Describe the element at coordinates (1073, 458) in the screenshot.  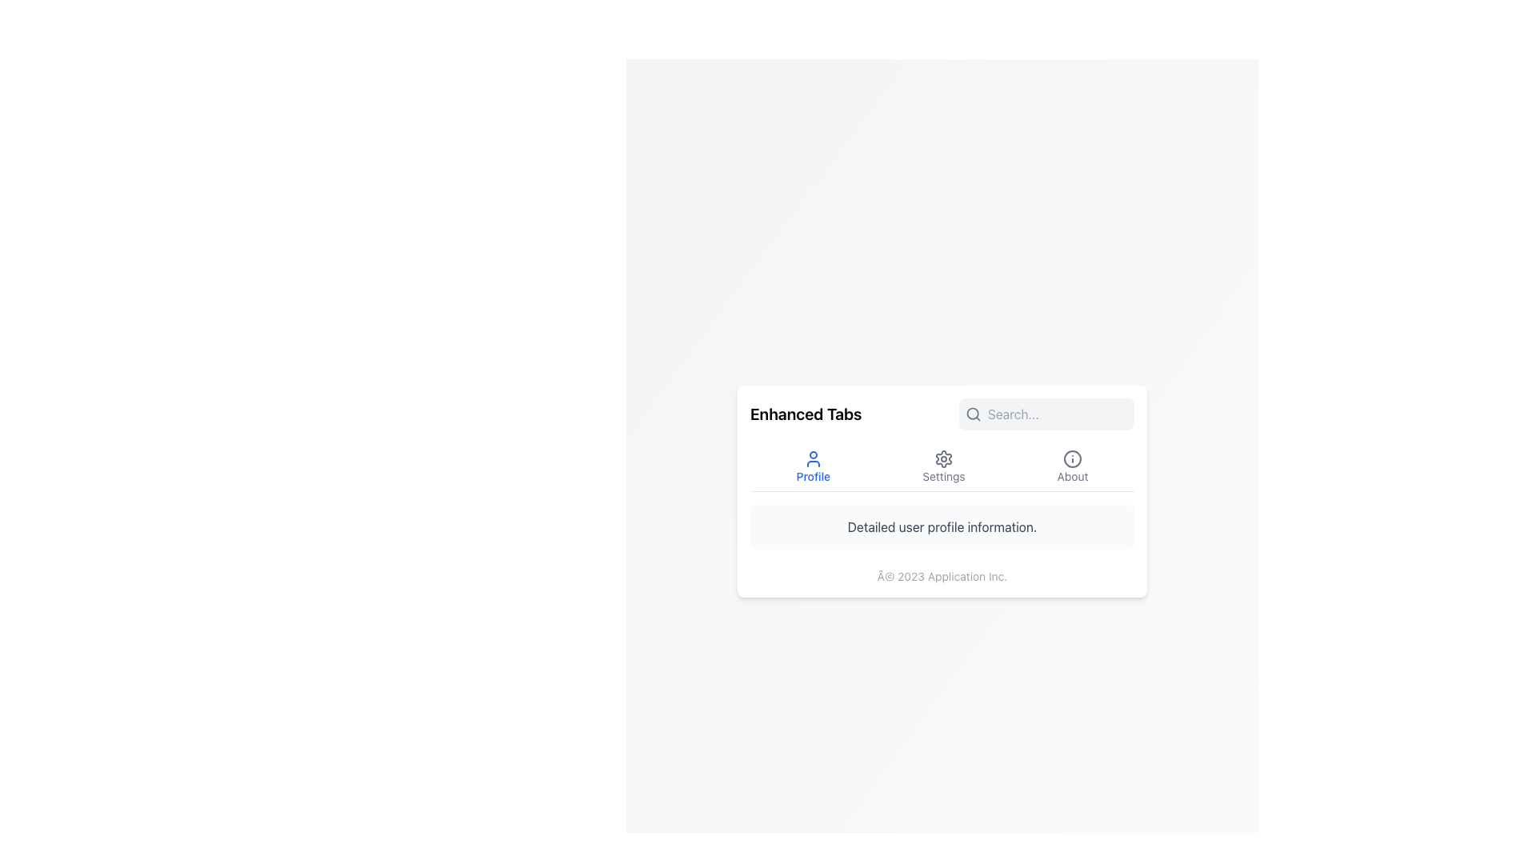
I see `the 'About' icon in the navigation bar` at that location.